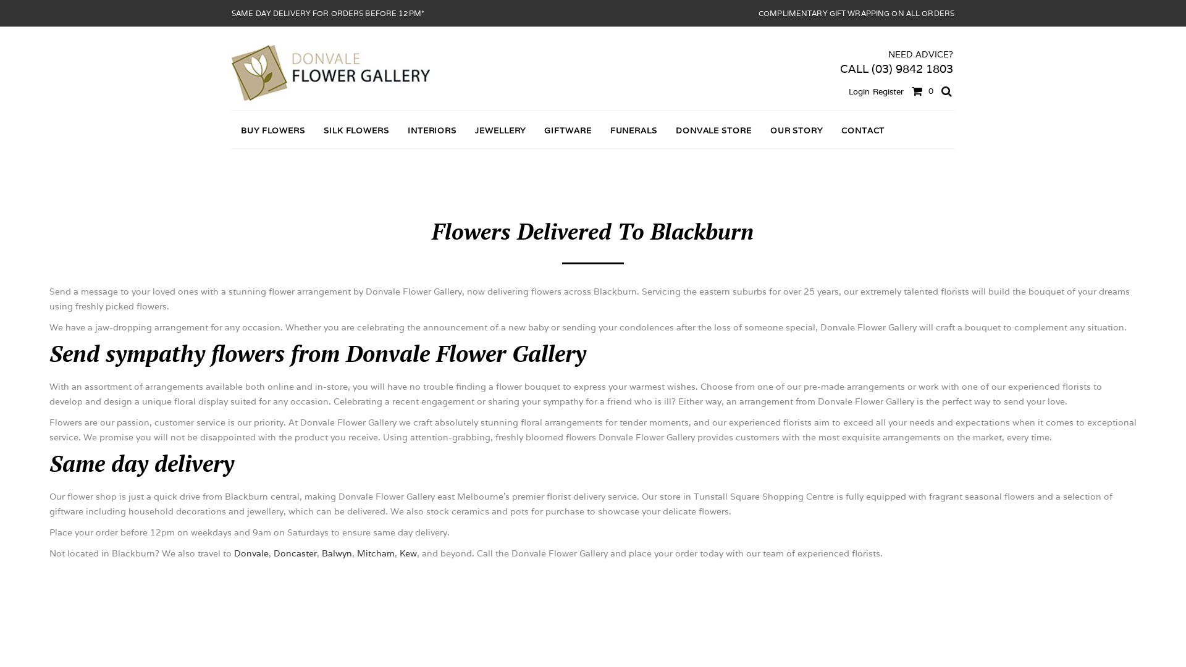  What do you see at coordinates (634, 130) in the screenshot?
I see `'FUNERALS'` at bounding box center [634, 130].